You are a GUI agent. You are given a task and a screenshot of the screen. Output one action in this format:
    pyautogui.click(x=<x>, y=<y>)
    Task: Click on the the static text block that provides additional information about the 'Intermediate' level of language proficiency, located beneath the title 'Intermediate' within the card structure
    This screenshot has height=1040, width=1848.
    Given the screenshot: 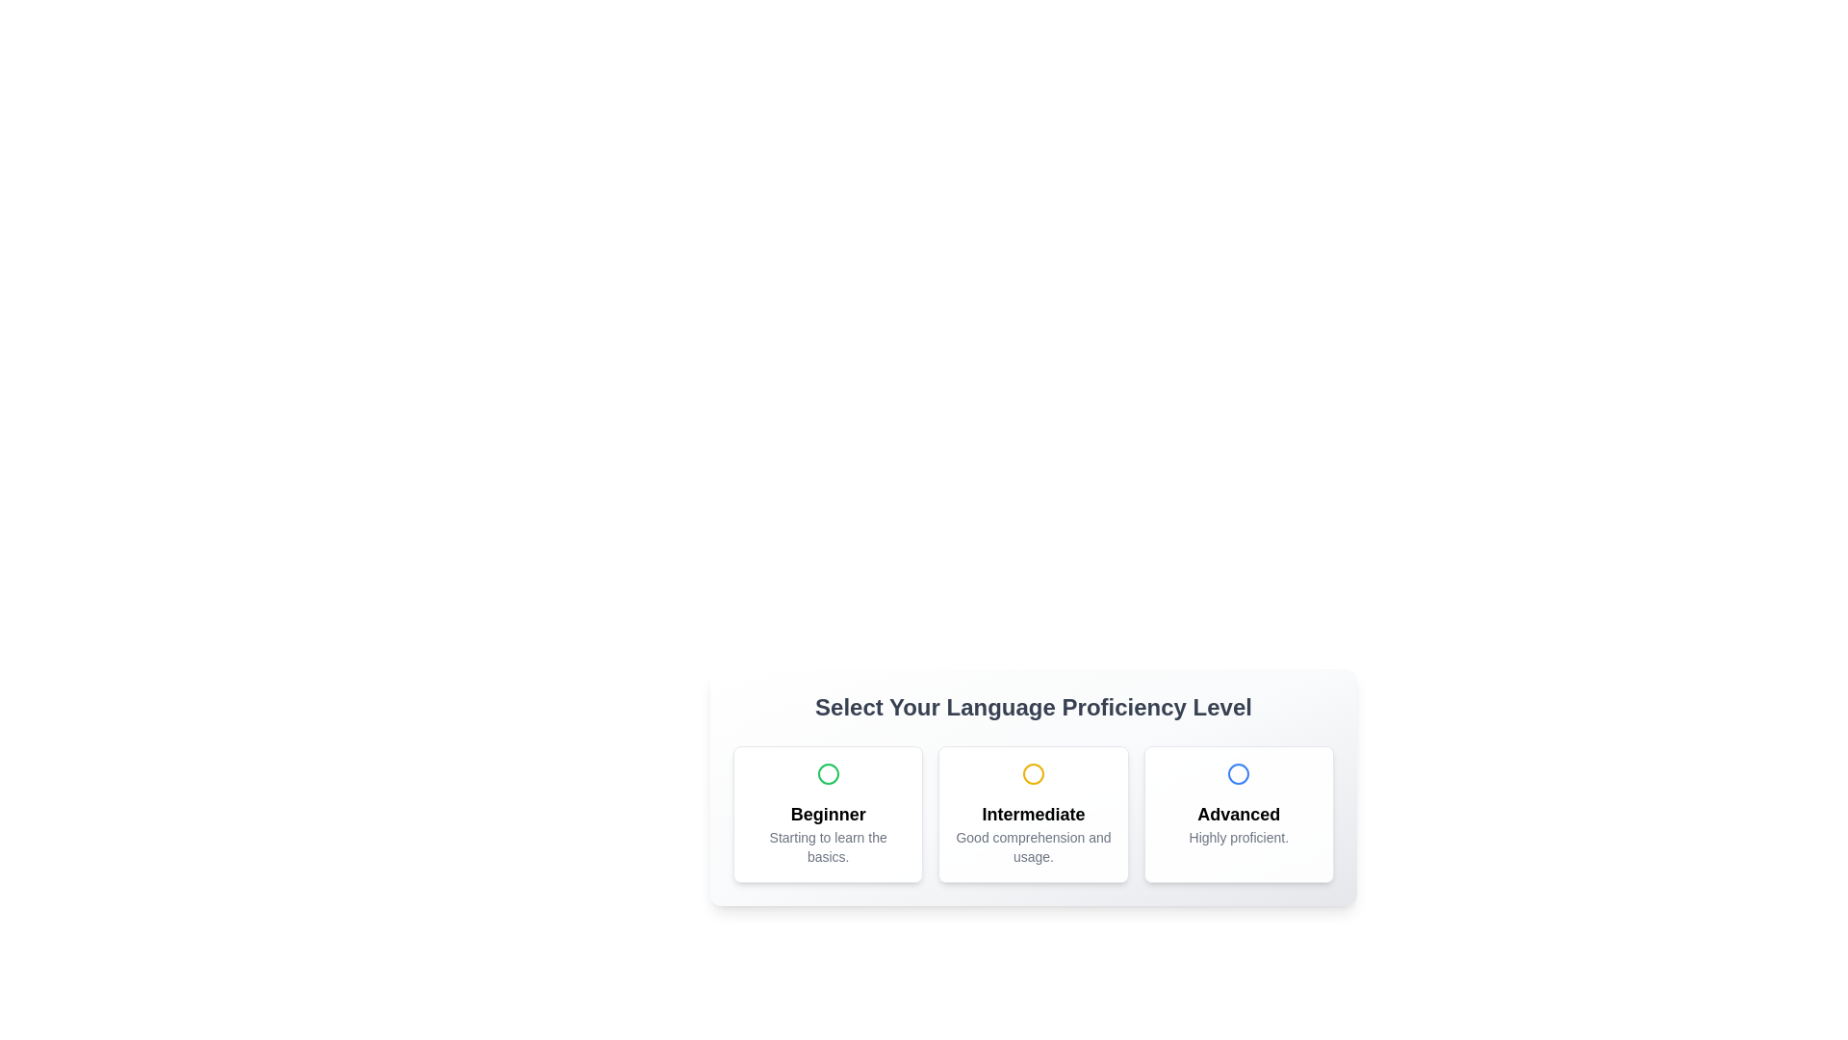 What is the action you would take?
    pyautogui.click(x=1033, y=845)
    